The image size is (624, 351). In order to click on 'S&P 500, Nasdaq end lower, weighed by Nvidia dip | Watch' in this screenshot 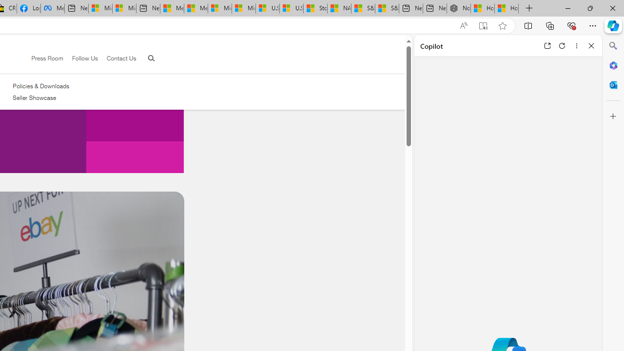, I will do `click(387, 8)`.